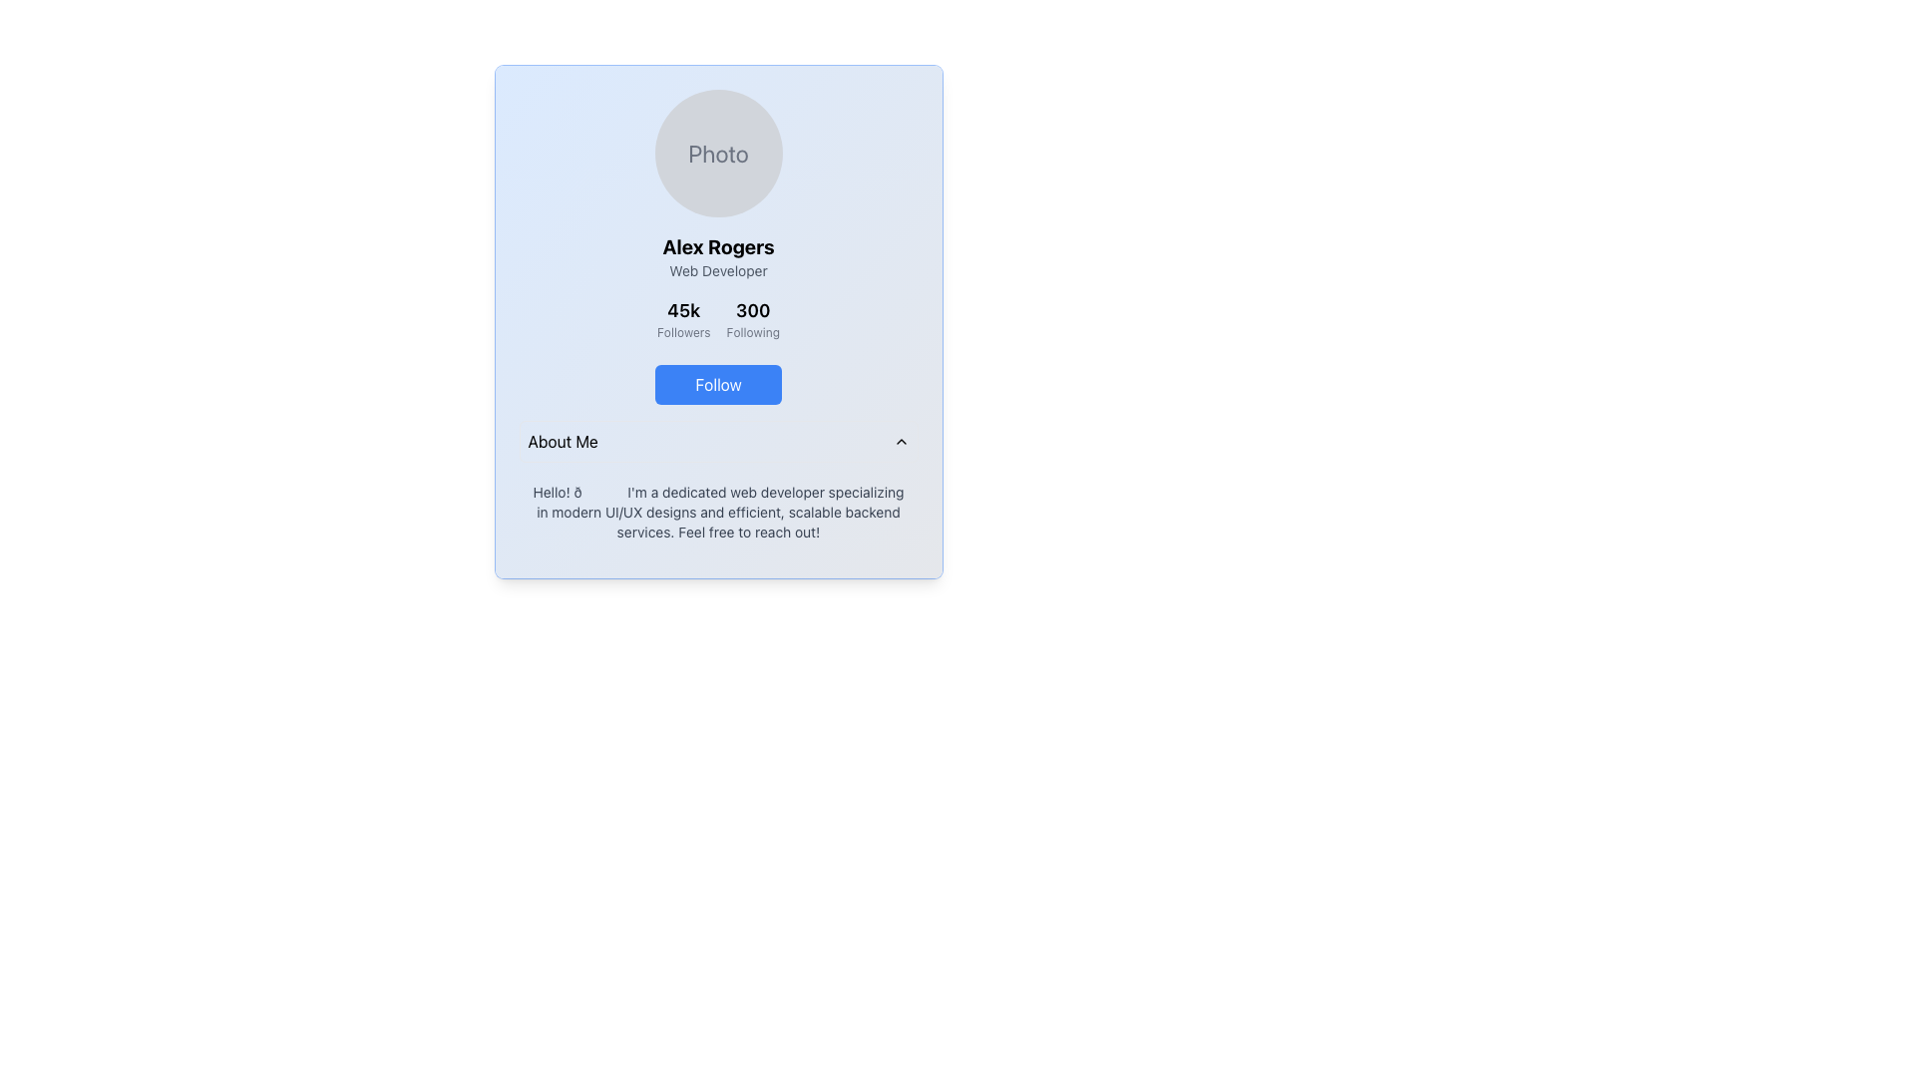 This screenshot has height=1077, width=1915. Describe the element at coordinates (718, 271) in the screenshot. I see `the text element 'Web Developer' which is styled with a small font size and gray color, positioned centrally beneath 'Alex Rogers' in the profile card` at that location.